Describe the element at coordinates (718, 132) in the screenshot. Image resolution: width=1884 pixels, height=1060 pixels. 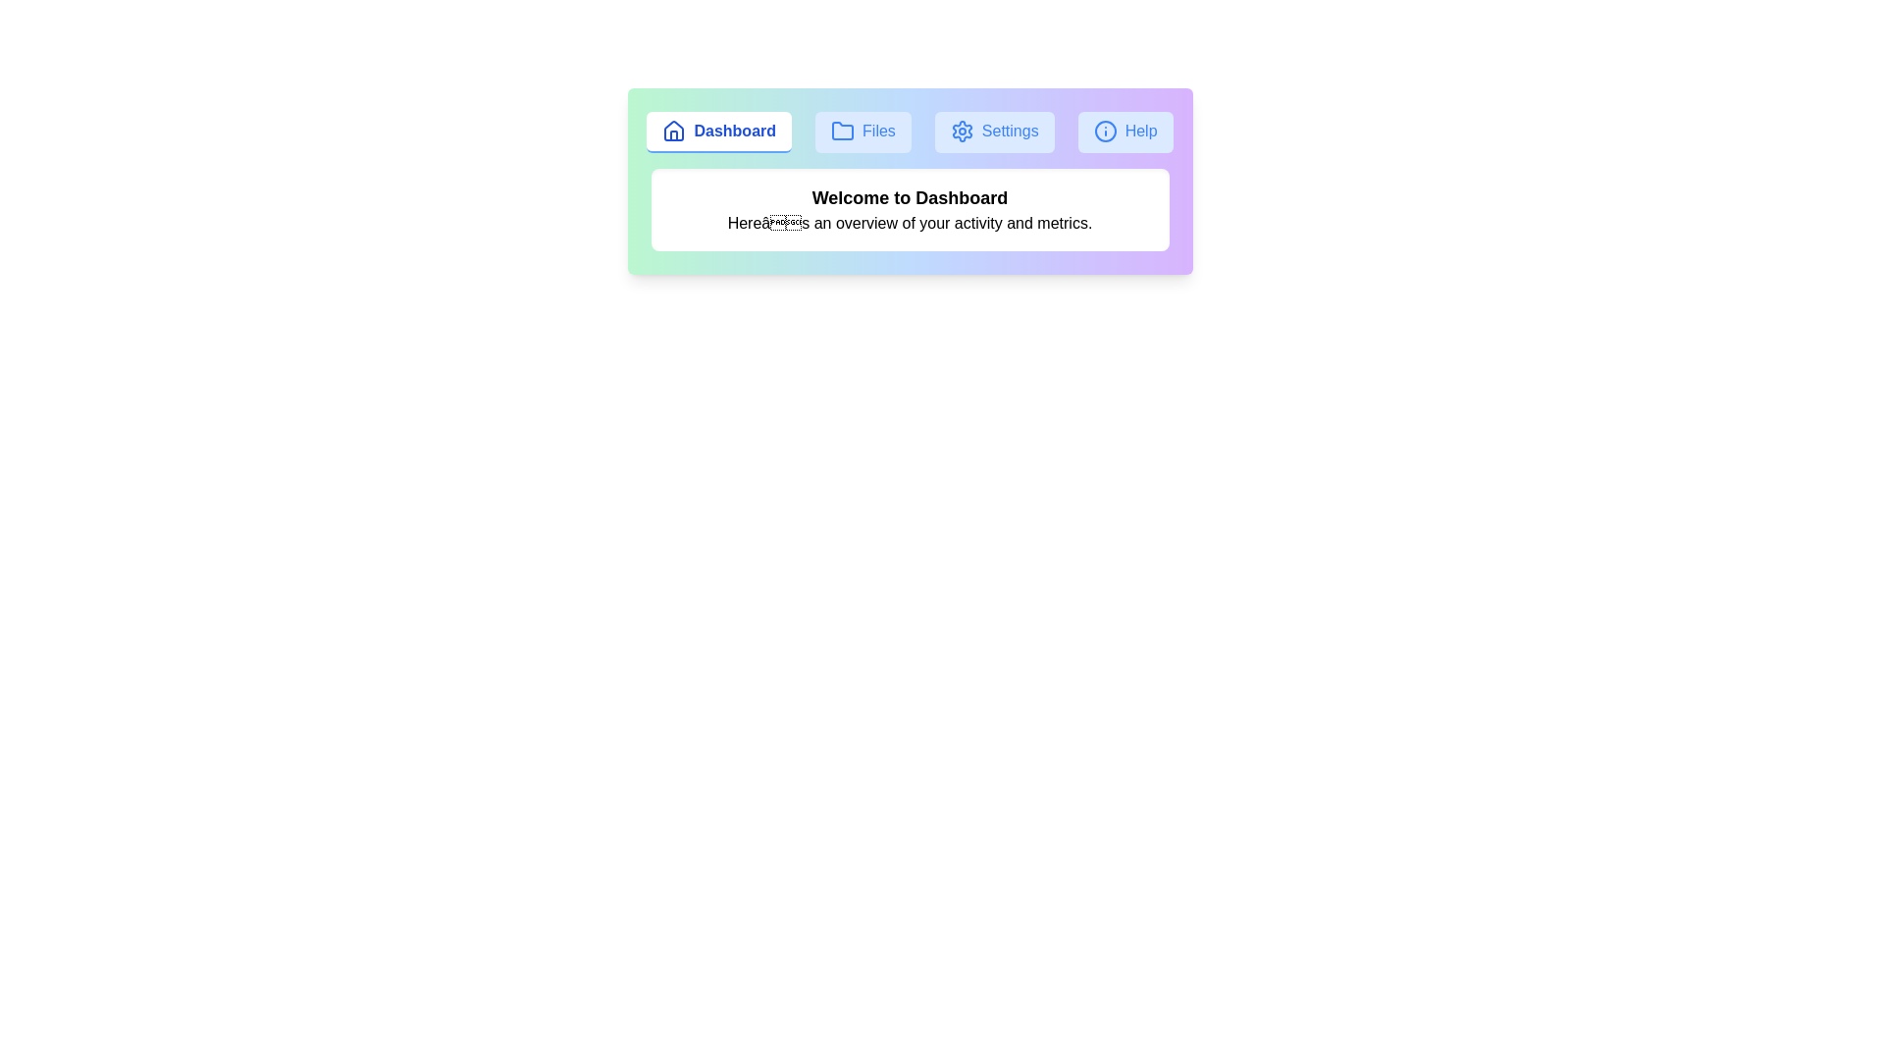
I see `the tab labeled Dashboard to observe its hover effect` at that location.